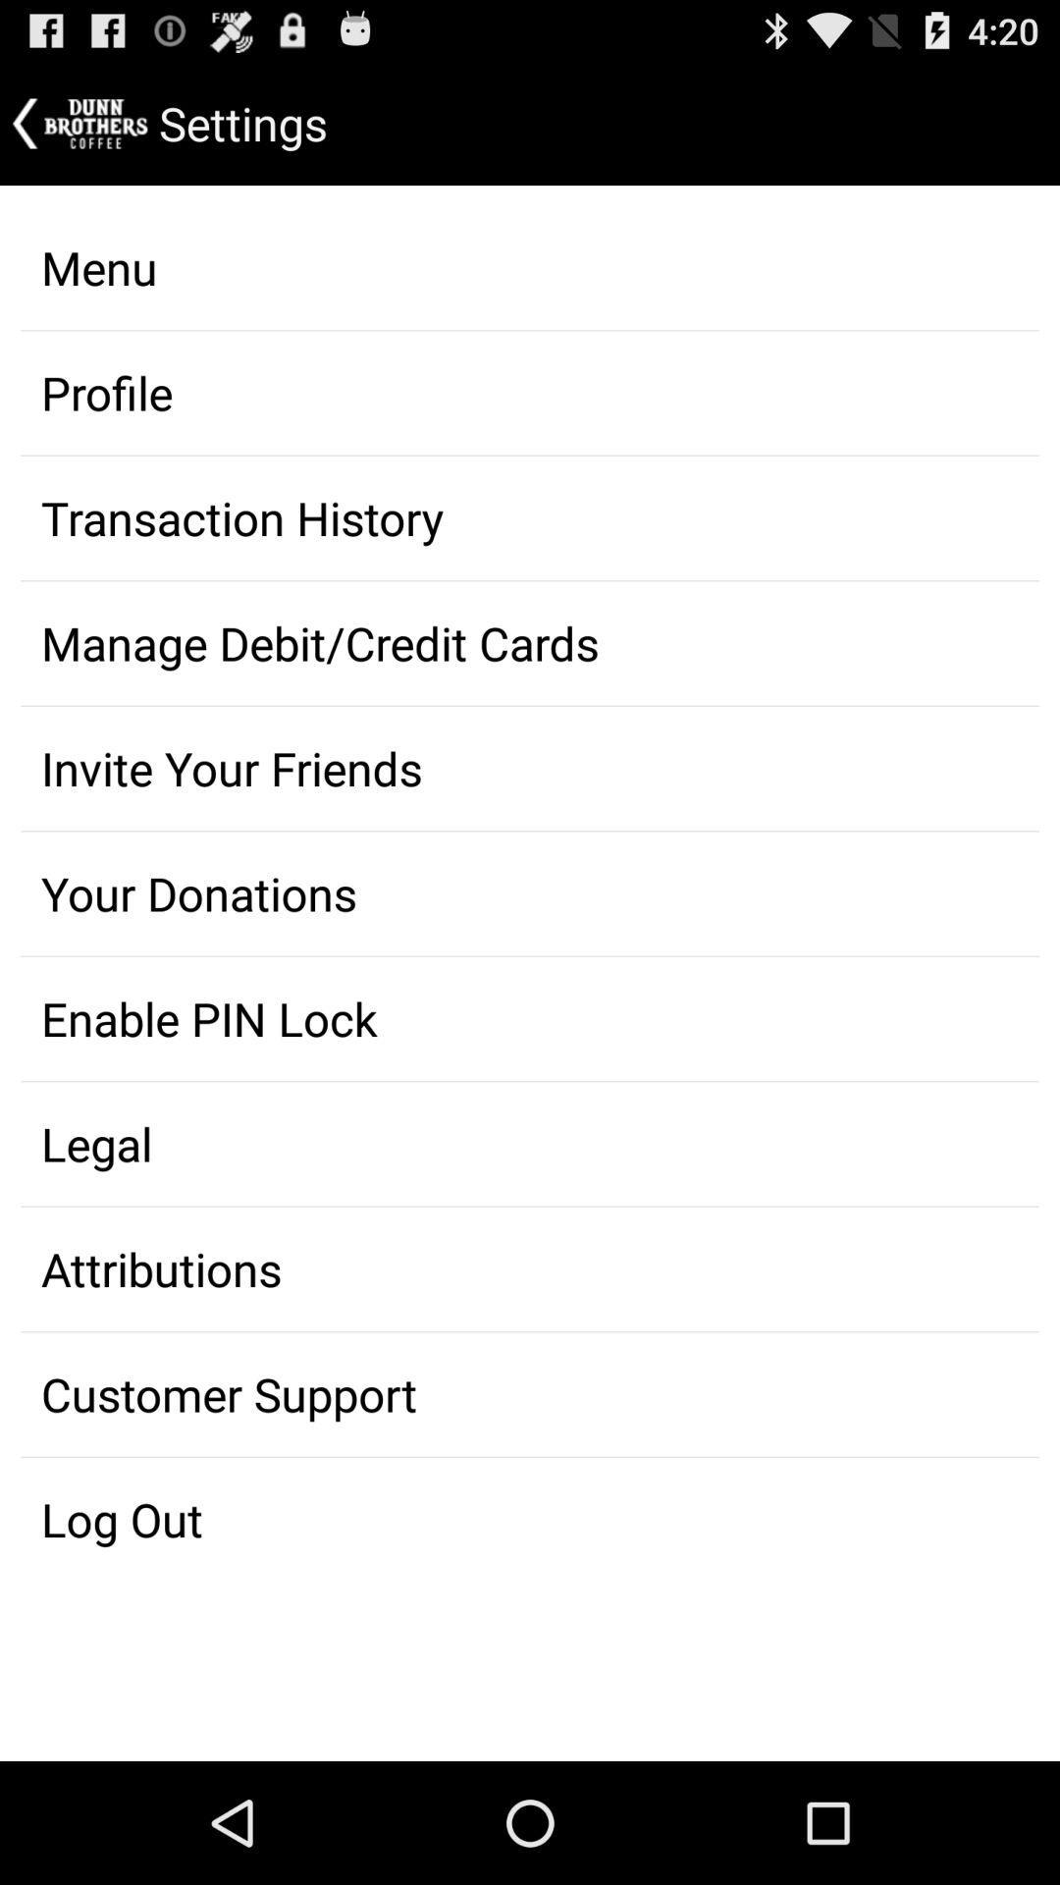 This screenshot has height=1885, width=1060. Describe the element at coordinates (530, 518) in the screenshot. I see `transaction history item` at that location.